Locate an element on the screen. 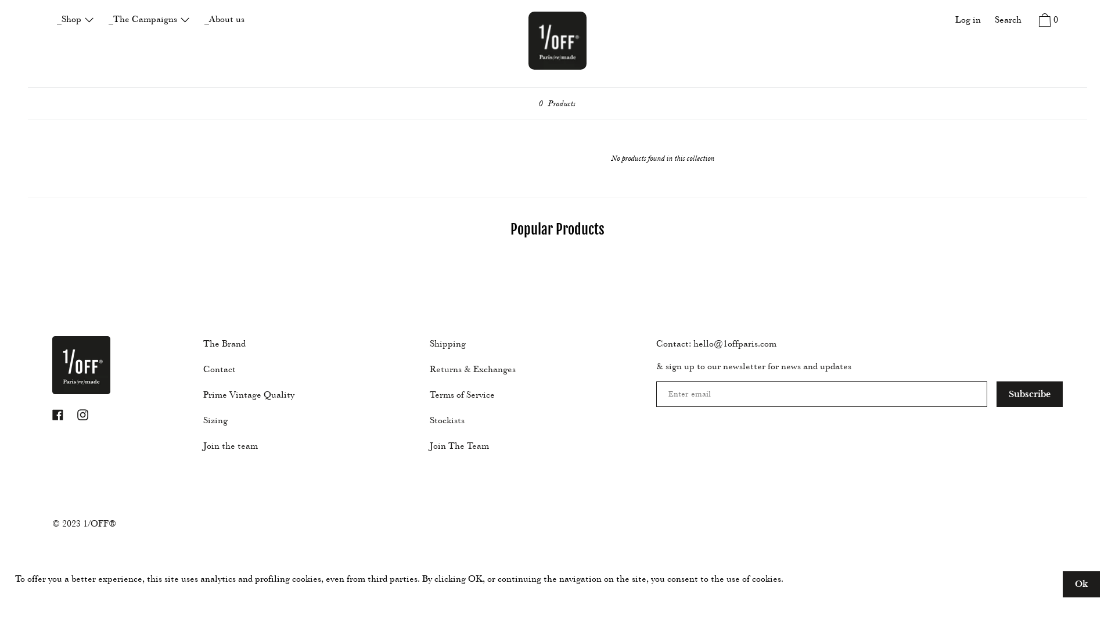 The width and height of the screenshot is (1115, 627). 'Contact' is located at coordinates (197, 369).